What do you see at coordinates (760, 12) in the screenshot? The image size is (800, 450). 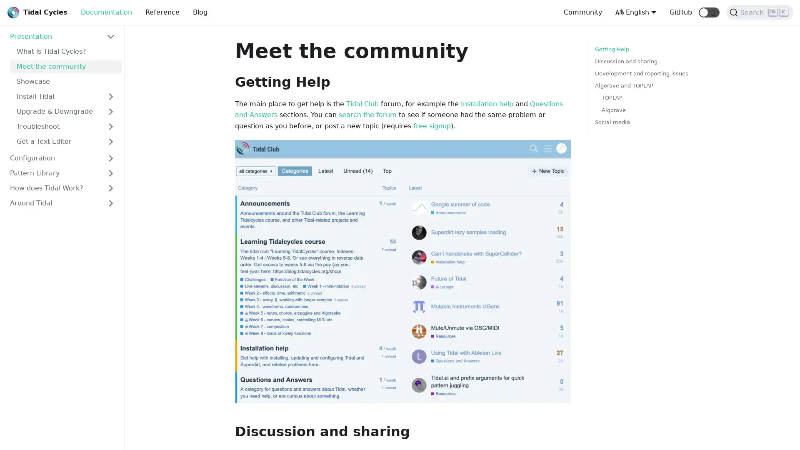 I see `Search` at bounding box center [760, 12].